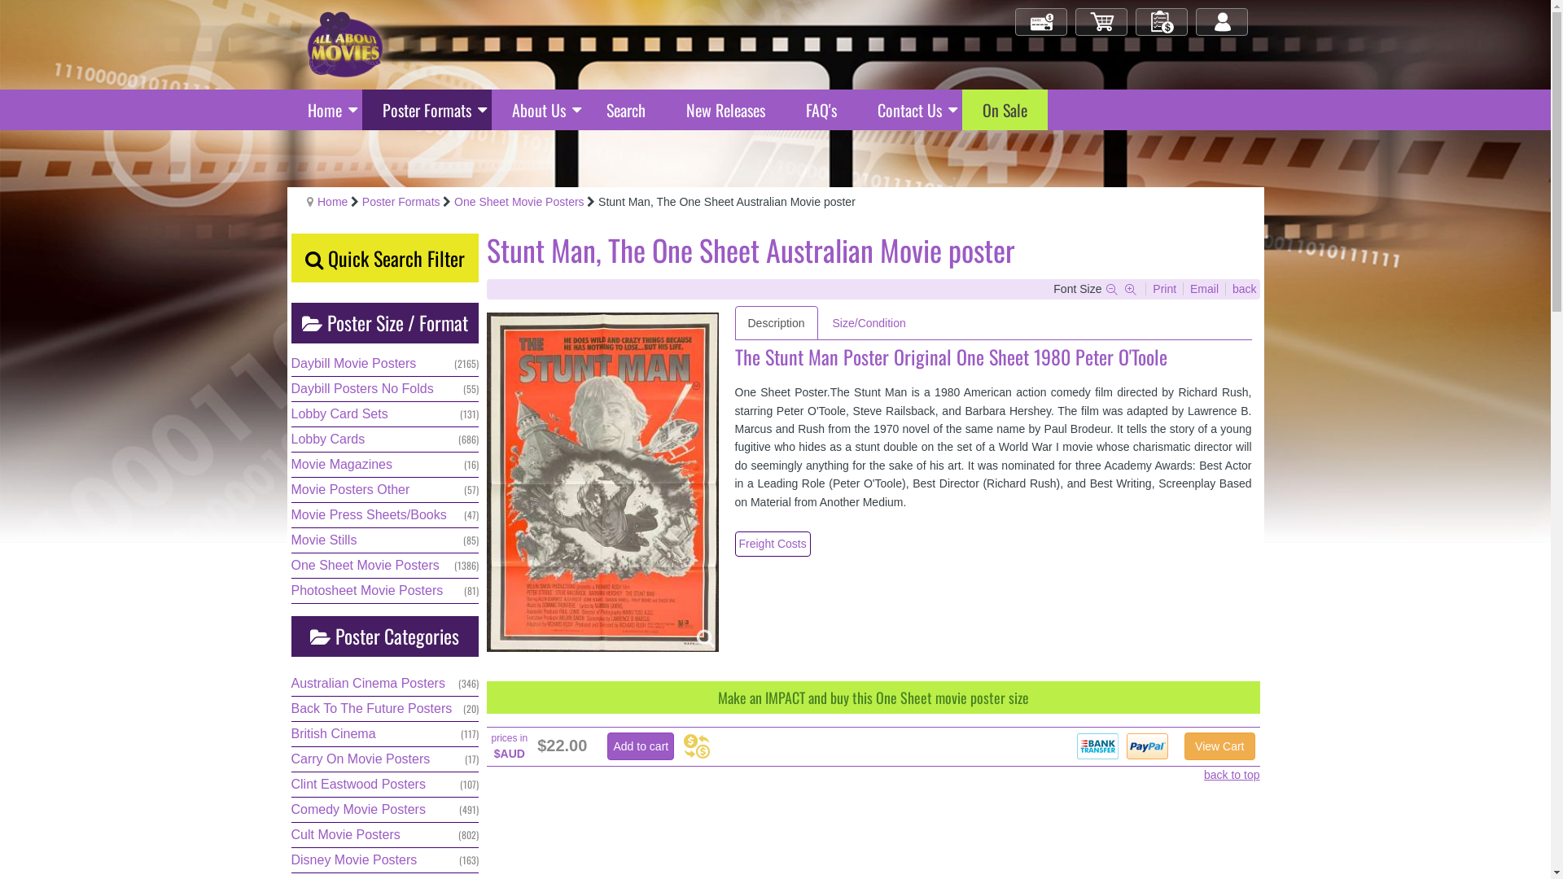 The height and width of the screenshot is (879, 1563). I want to click on 'Movie Magazines, so click(384, 464).